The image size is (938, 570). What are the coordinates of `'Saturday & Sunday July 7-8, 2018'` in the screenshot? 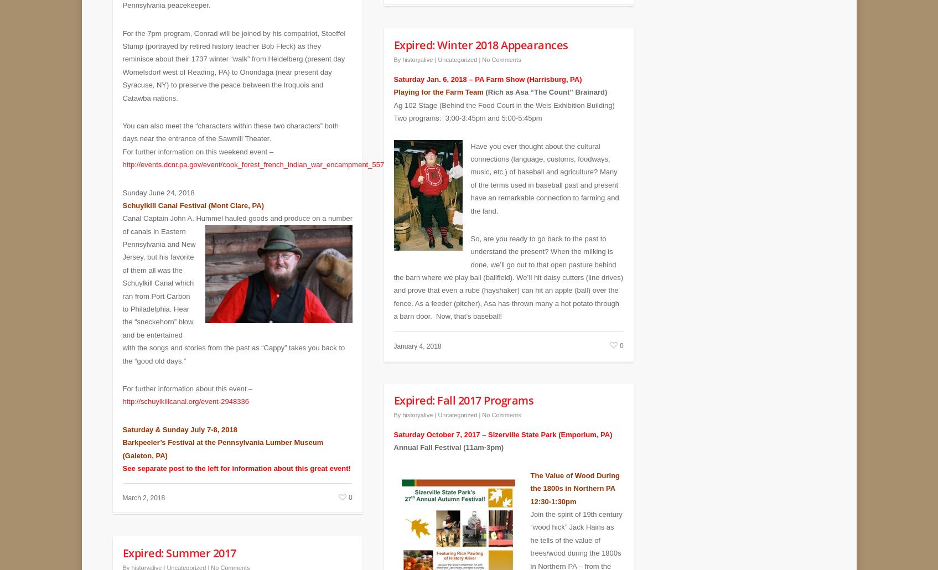 It's located at (122, 421).